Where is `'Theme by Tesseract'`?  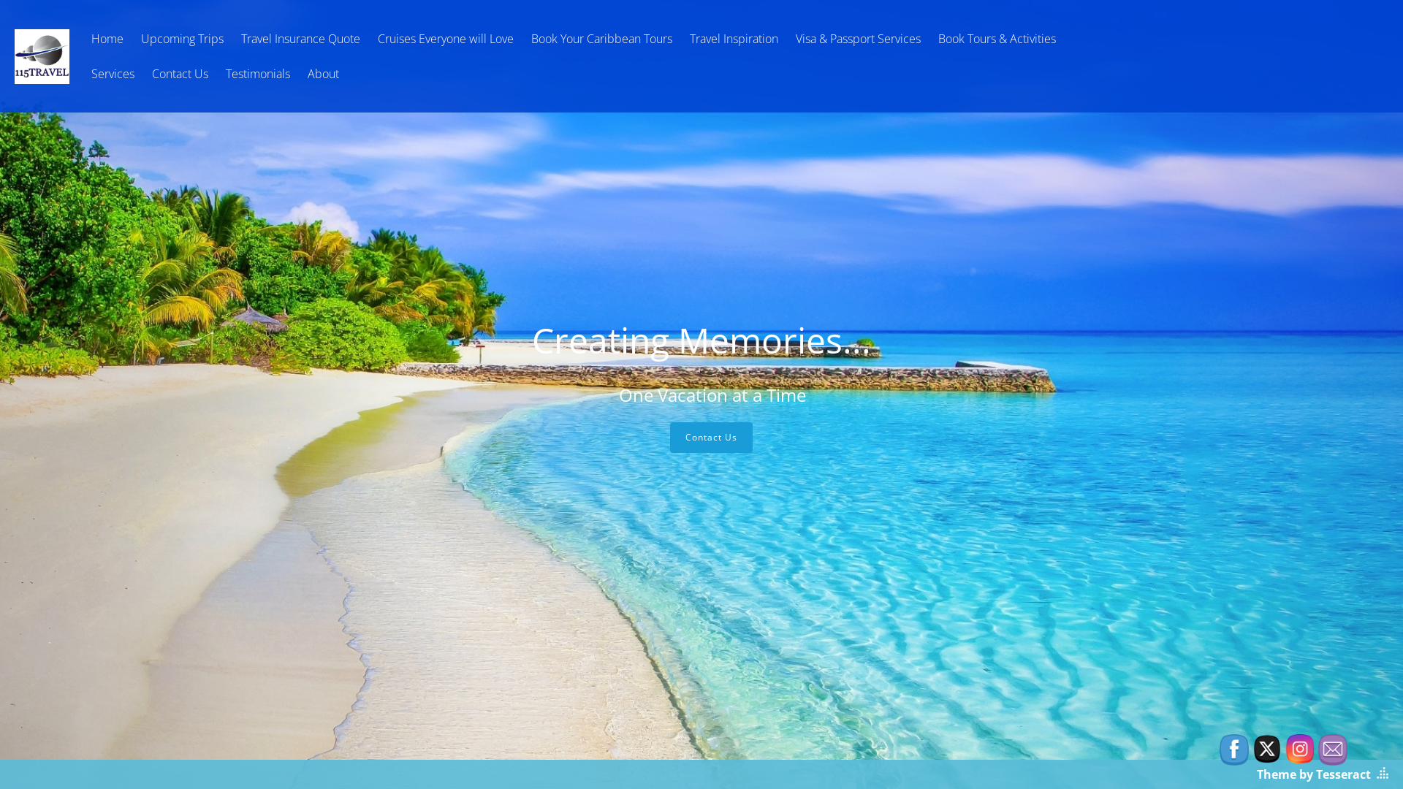 'Theme by Tesseract' is located at coordinates (1314, 774).